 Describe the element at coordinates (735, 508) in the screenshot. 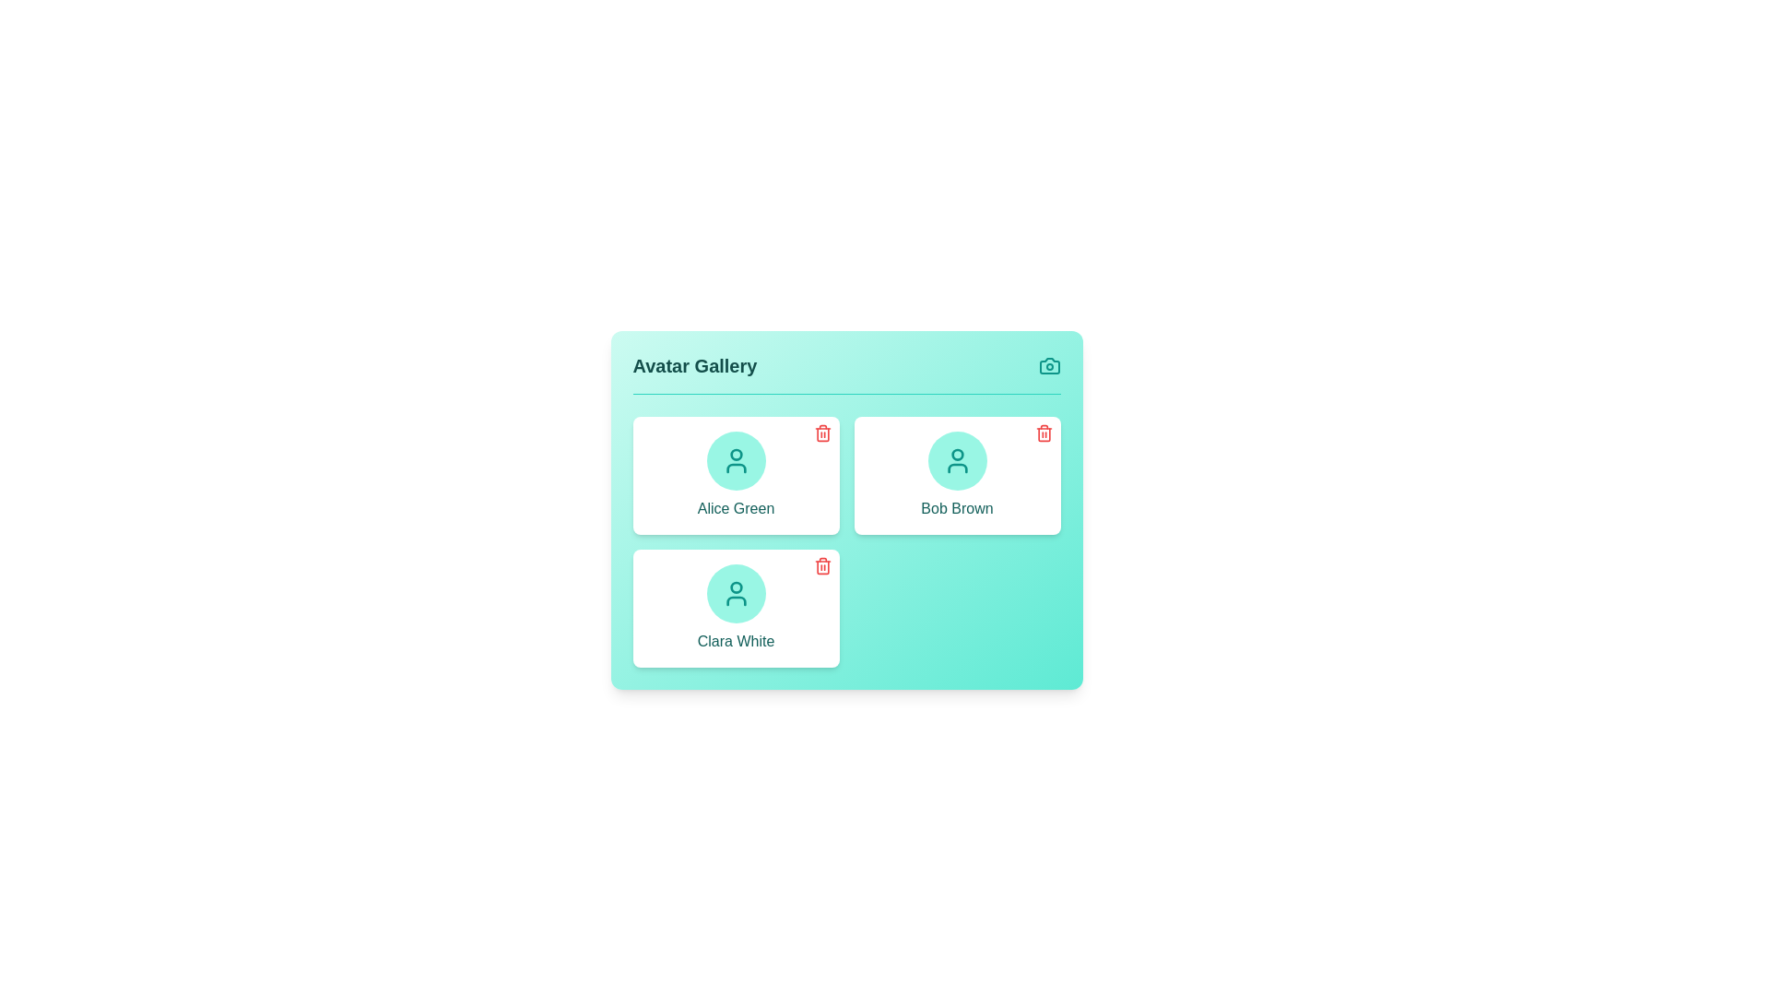

I see `the text label displaying 'Alice Green', which is styled in teal color and positioned below the circular avatar in the first card on the top row` at that location.